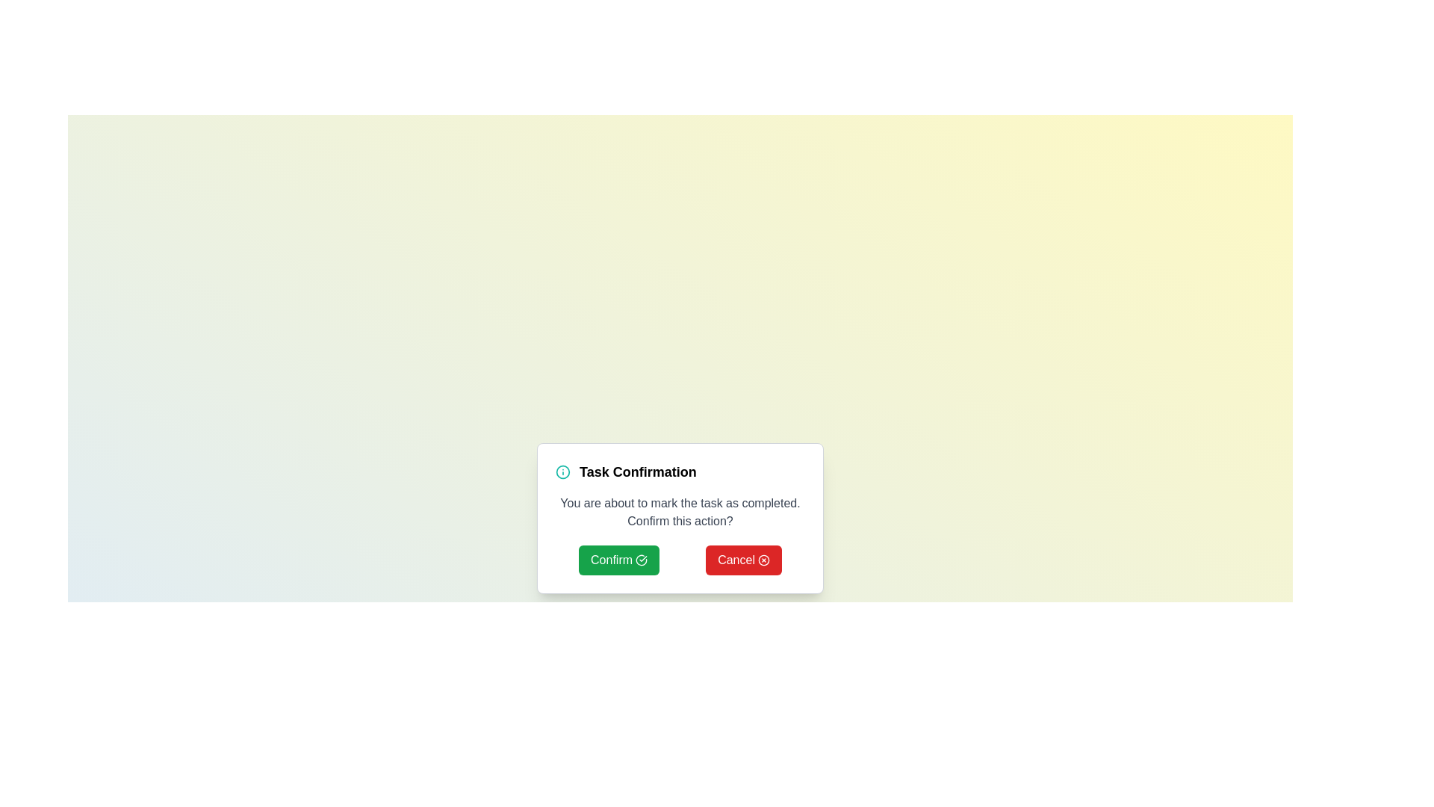  What do you see at coordinates (562, 472) in the screenshot?
I see `the outermost circular part of the SVG icon that represents an information or alert symbol in the 'Task Confirmation' dialog box, located to the left of the title text` at bounding box center [562, 472].